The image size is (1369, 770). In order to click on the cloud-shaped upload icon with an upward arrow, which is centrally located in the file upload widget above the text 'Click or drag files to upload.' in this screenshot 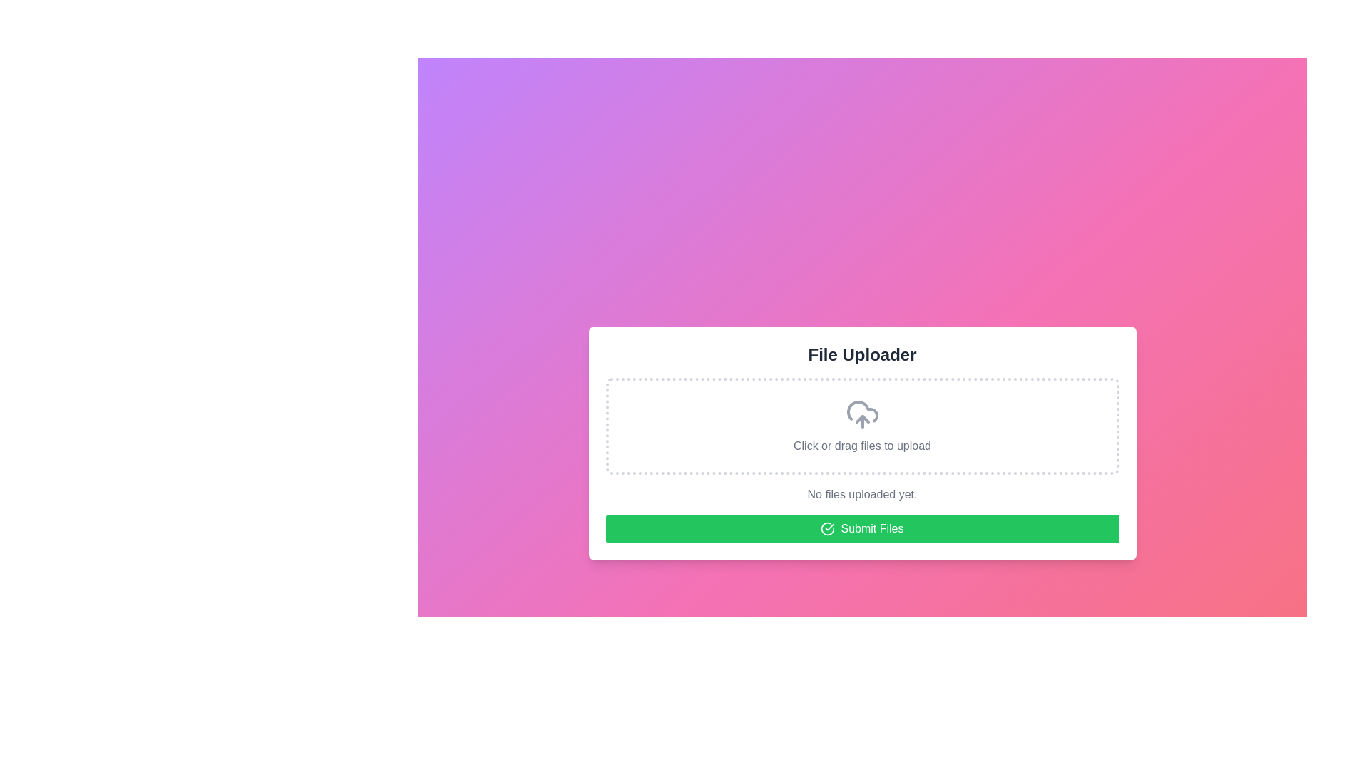, I will do `click(861, 415)`.